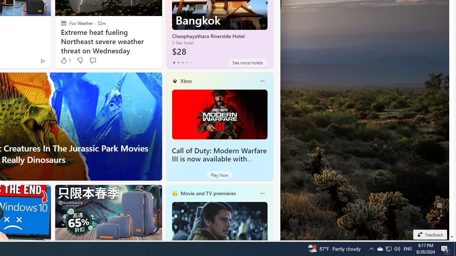  I want to click on 'Play Now', so click(219, 175).